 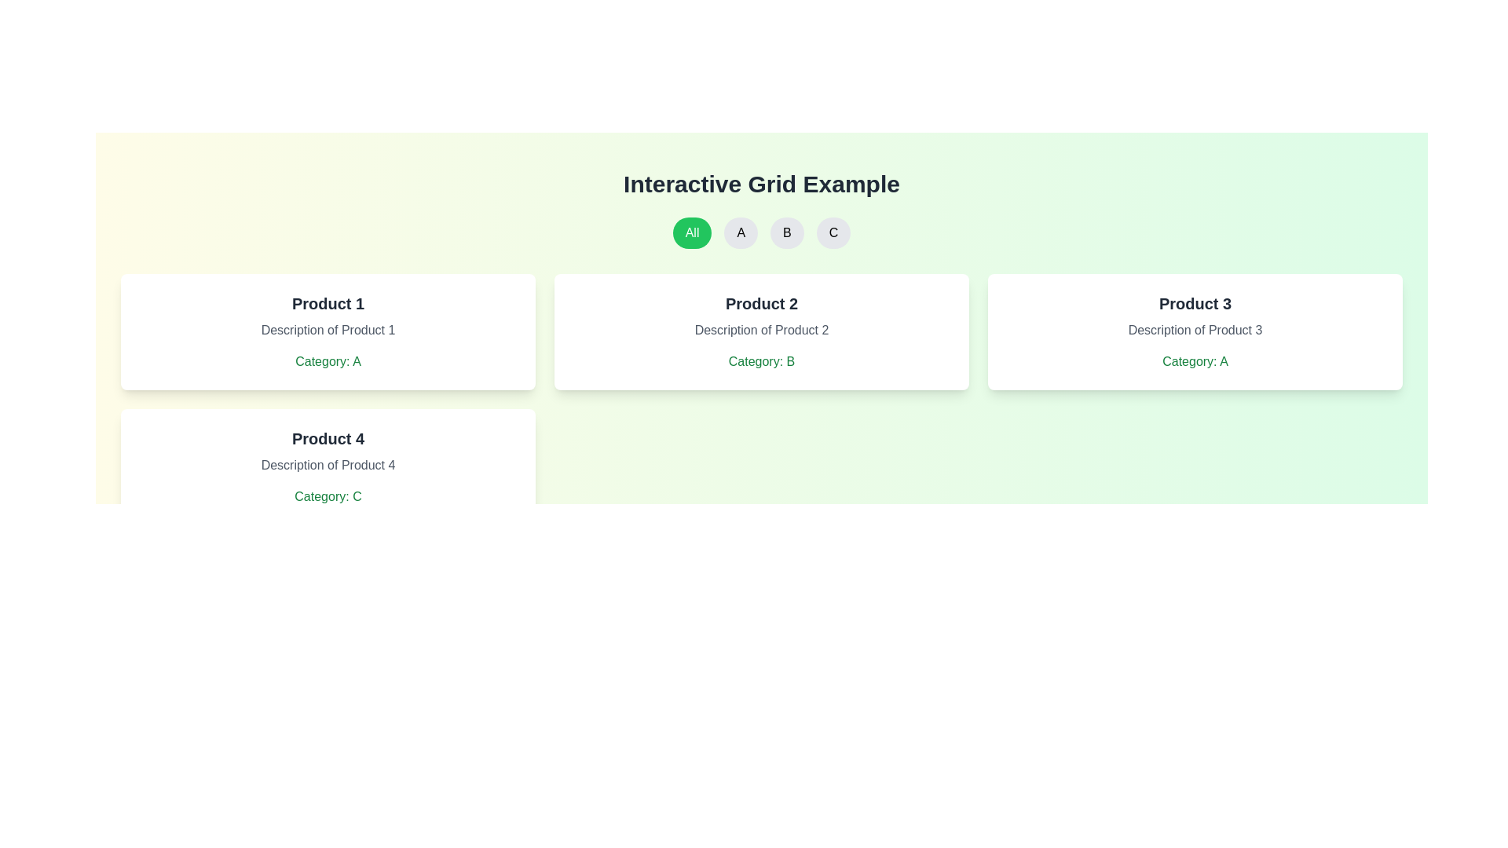 I want to click on the static text label reading 'Category: A', which is styled in green and located at the bottom of the card for 'Product 3', so click(x=1194, y=362).